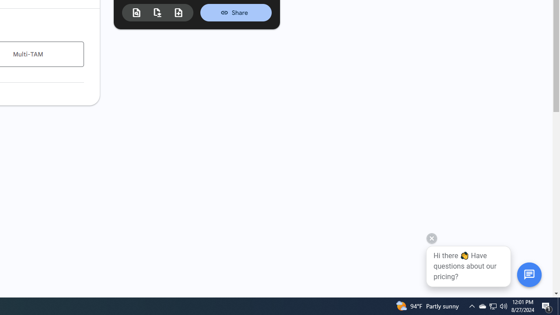 This screenshot has width=560, height=315. What do you see at coordinates (178, 13) in the screenshot?
I see `'New estimate from duplicate'` at bounding box center [178, 13].